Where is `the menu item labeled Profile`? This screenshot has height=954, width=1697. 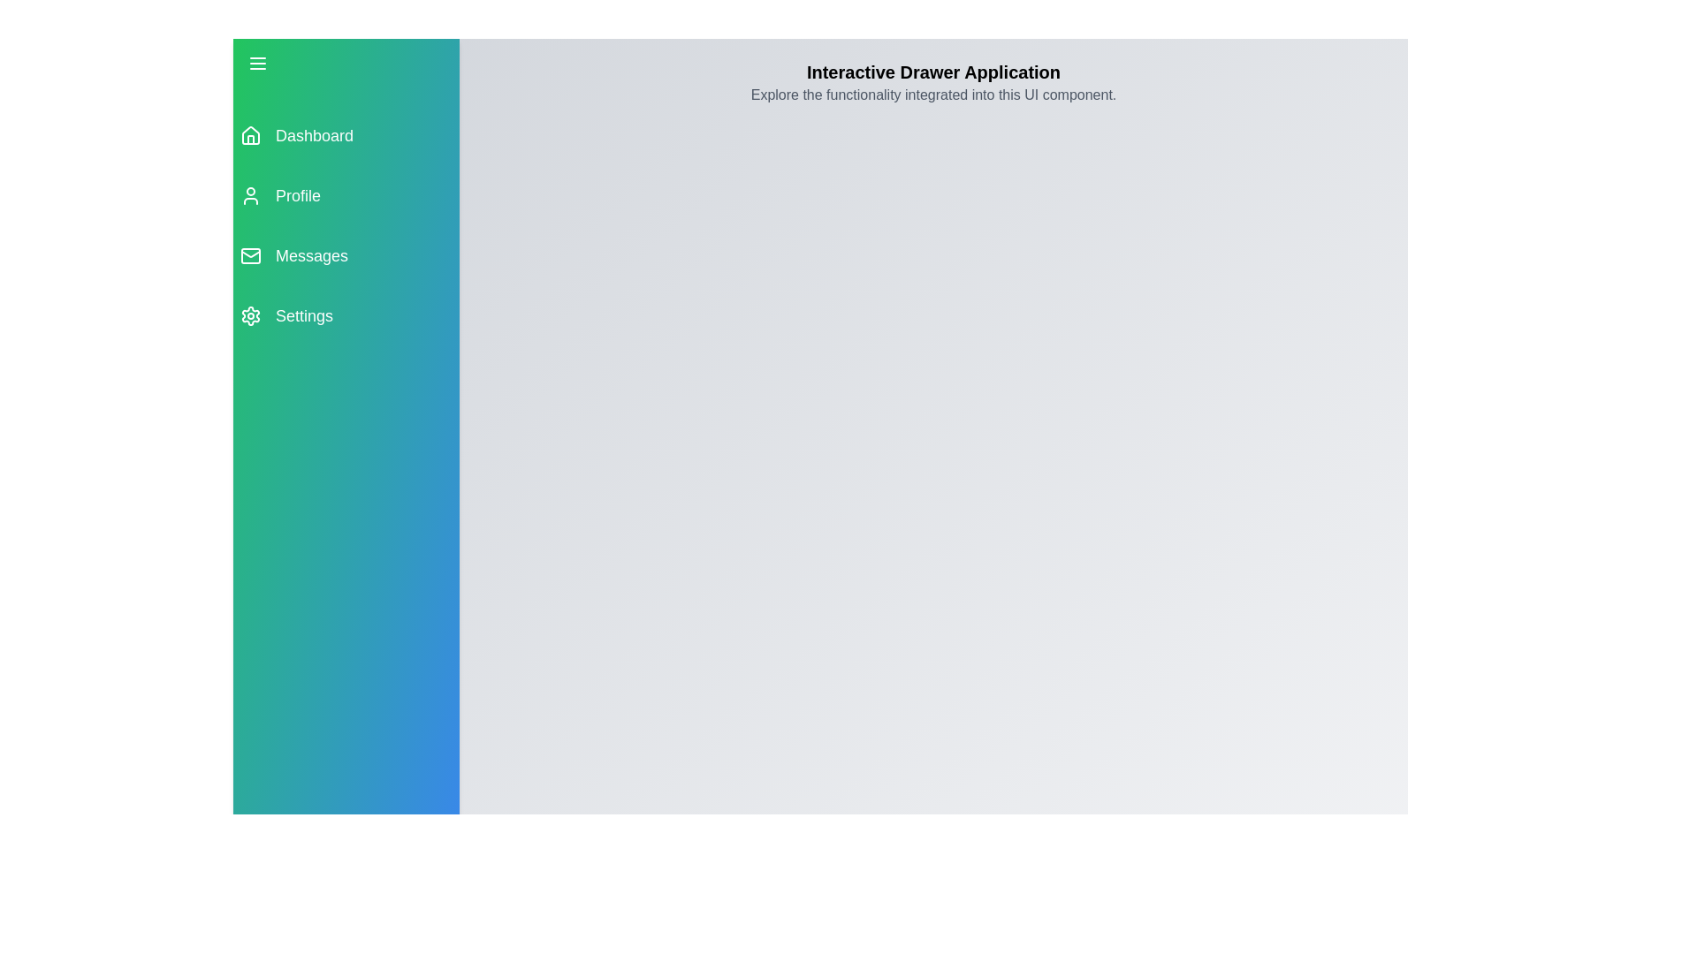
the menu item labeled Profile is located at coordinates (346, 196).